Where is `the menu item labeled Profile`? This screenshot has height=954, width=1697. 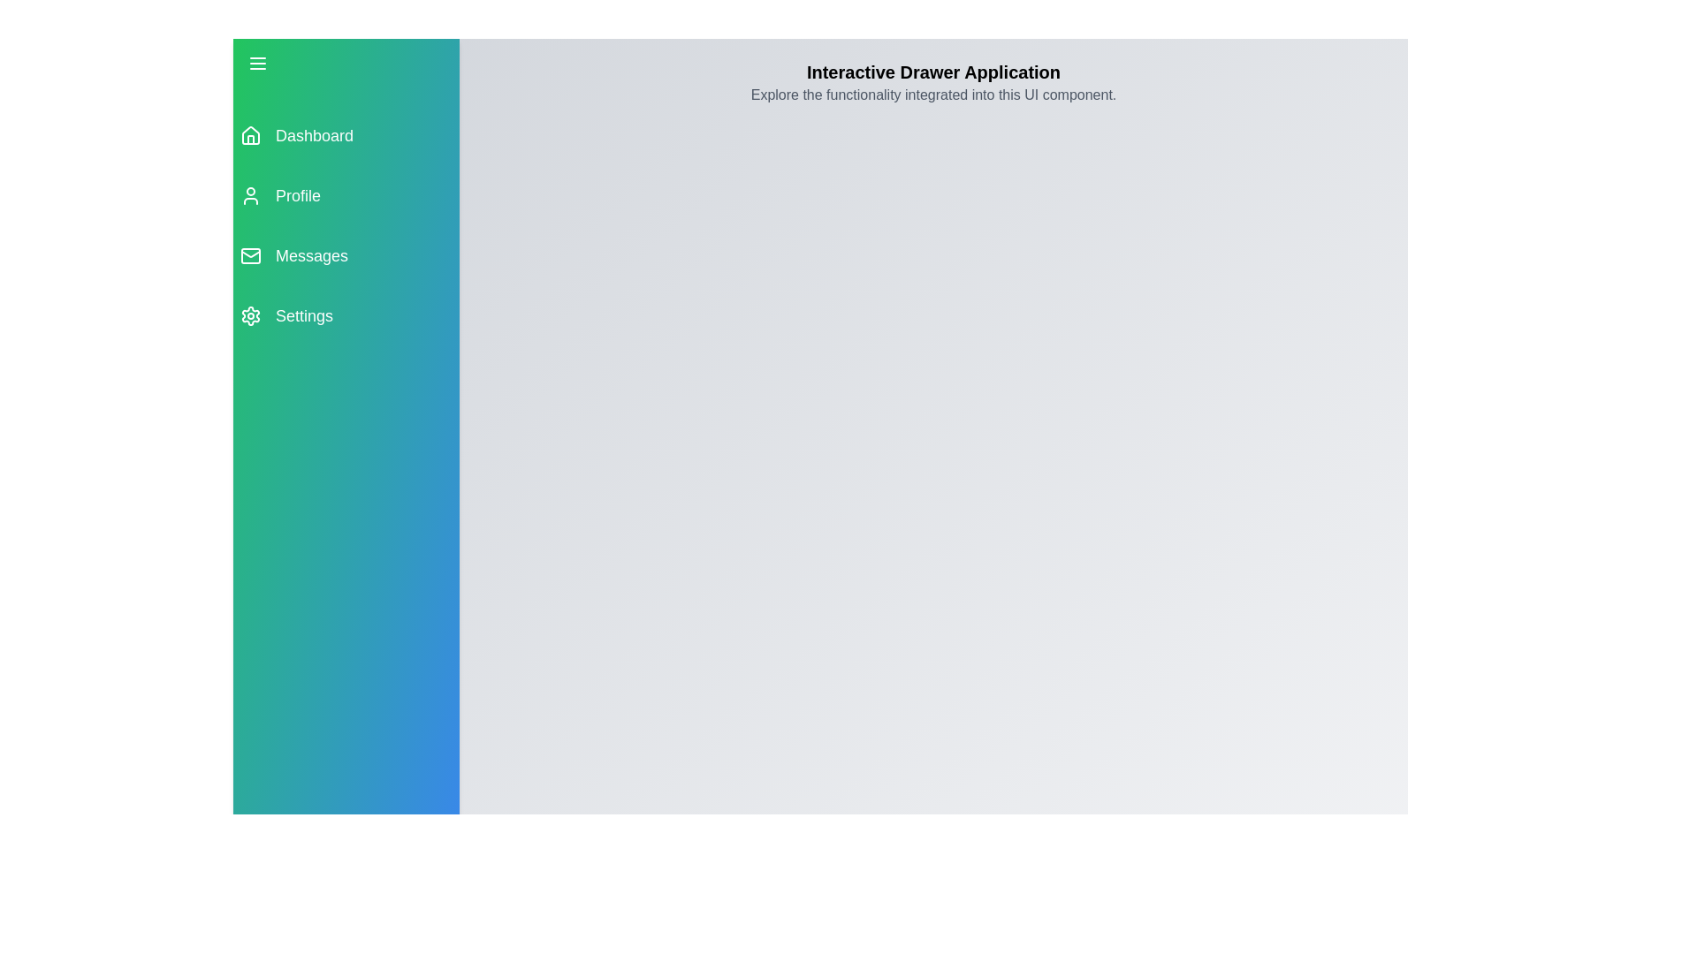
the menu item labeled Profile is located at coordinates (346, 196).